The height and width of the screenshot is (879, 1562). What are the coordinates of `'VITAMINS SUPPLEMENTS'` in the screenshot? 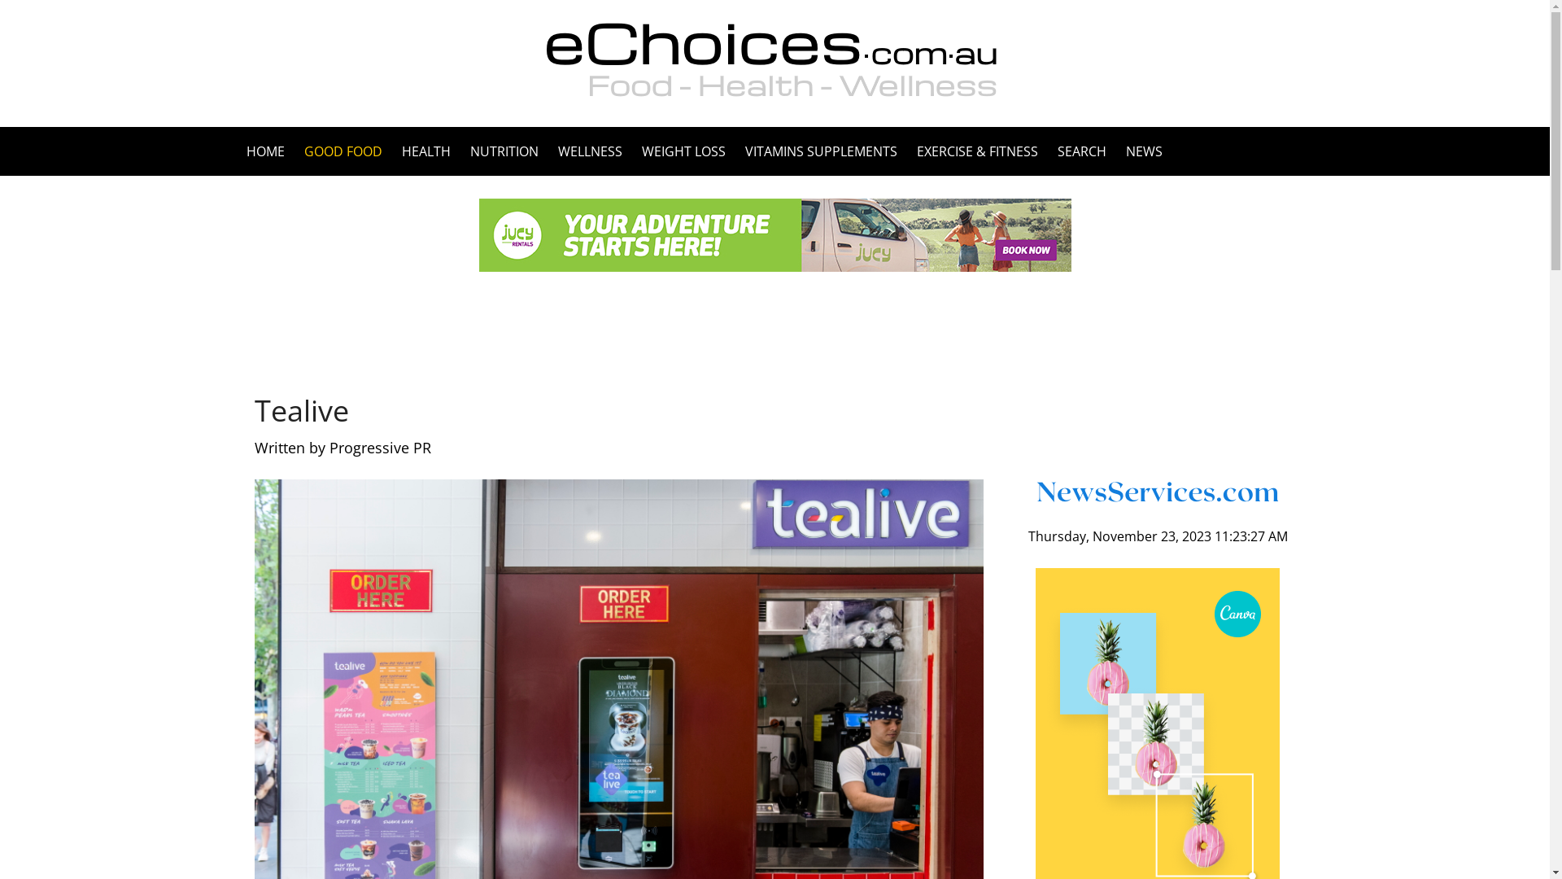 It's located at (734, 151).